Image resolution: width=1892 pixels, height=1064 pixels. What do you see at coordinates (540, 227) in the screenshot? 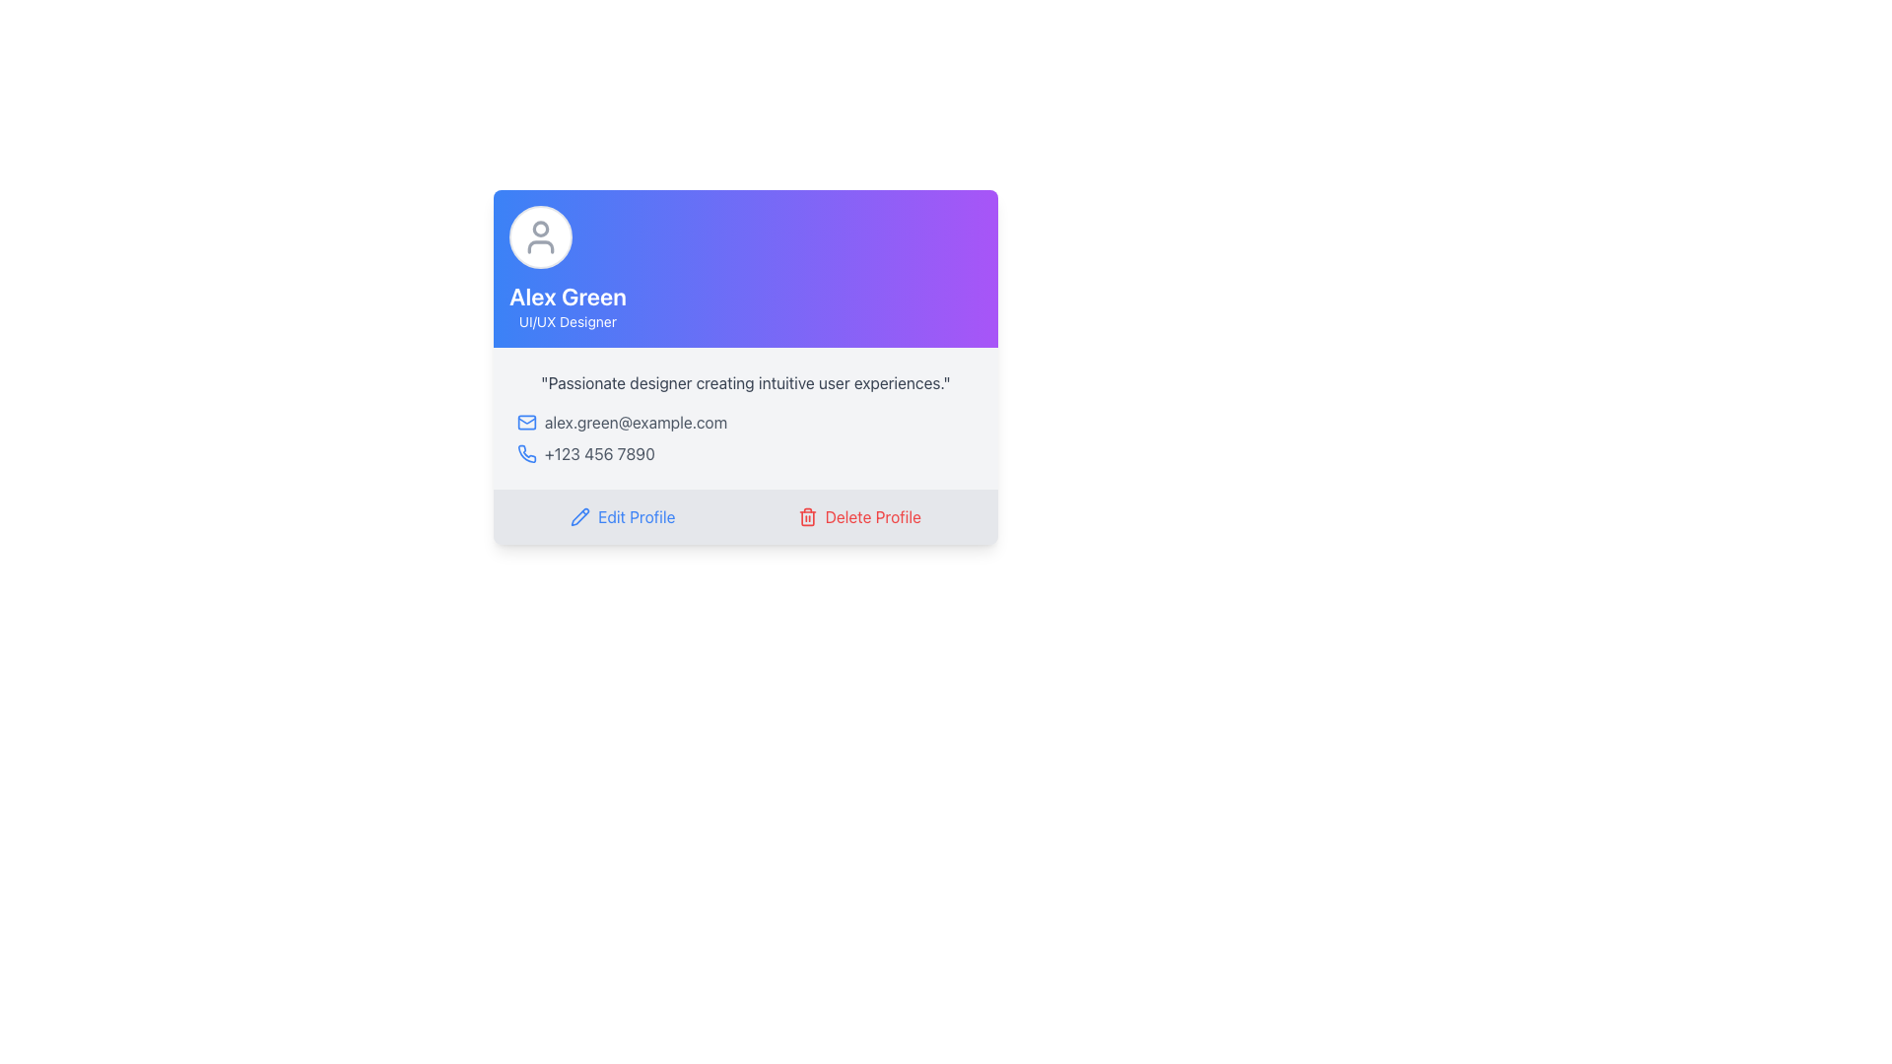
I see `the light gray circular SVG element representing the head in the user profile icon located at the top-left of the card interface` at bounding box center [540, 227].